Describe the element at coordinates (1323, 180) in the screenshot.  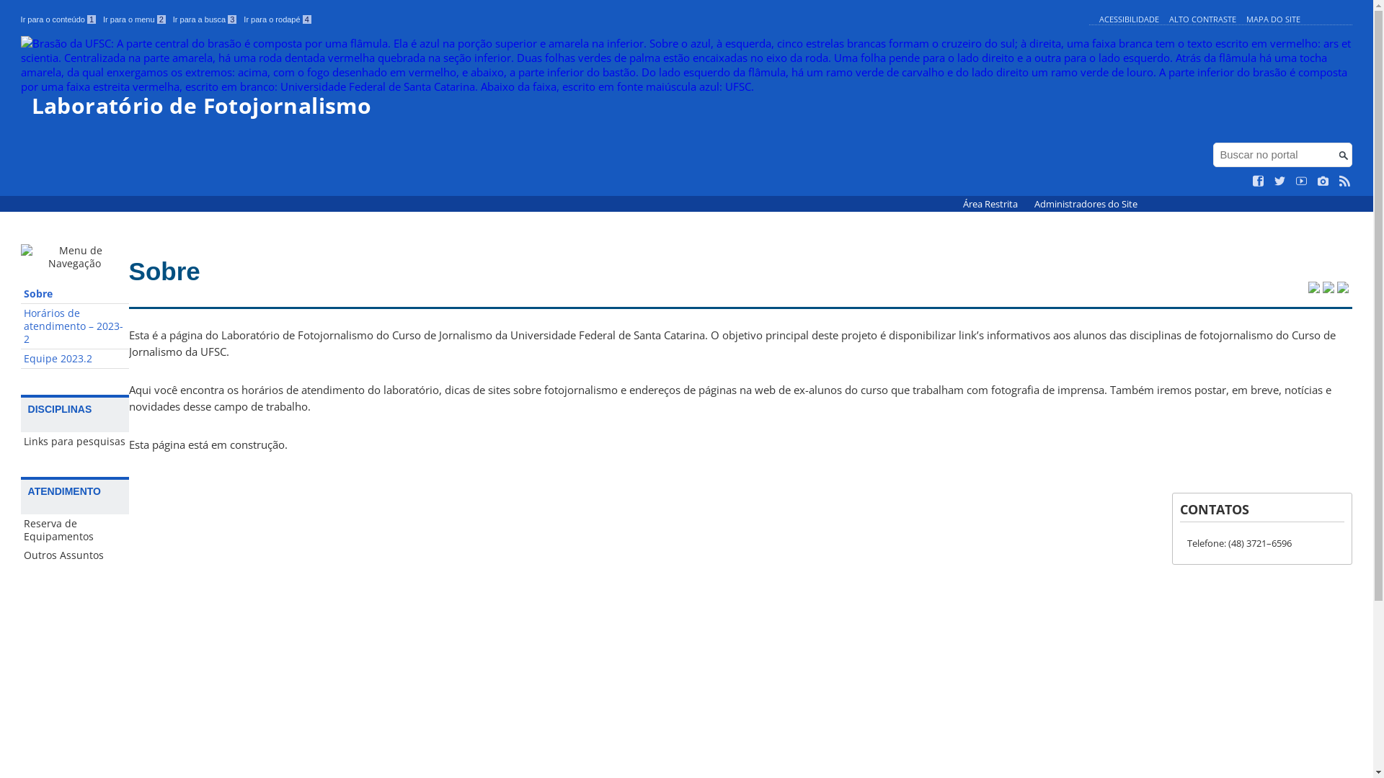
I see `'Veja no Instagram'` at that location.